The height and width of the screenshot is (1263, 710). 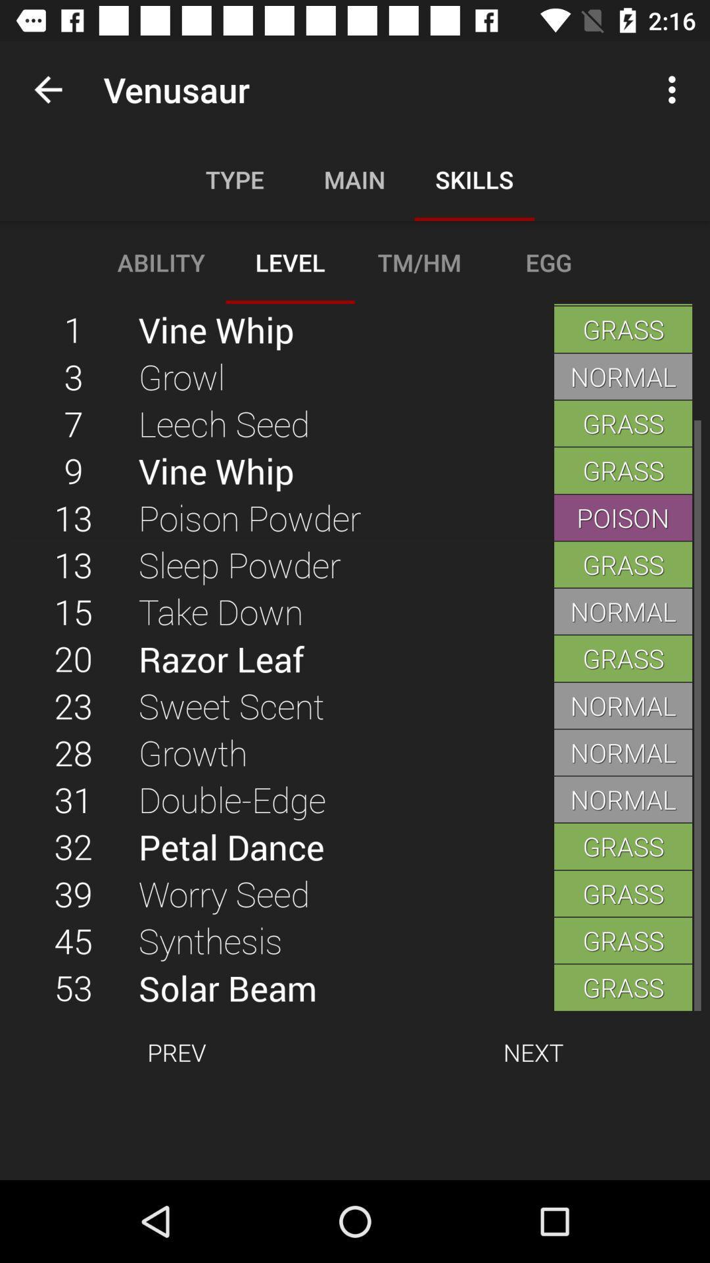 I want to click on 23 item, so click(x=74, y=705).